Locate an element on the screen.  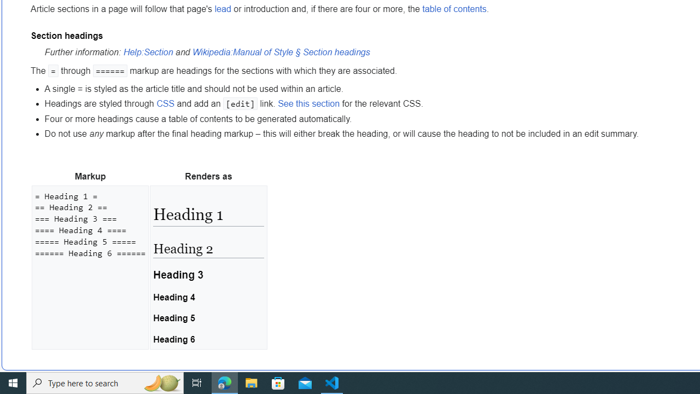
'lead' is located at coordinates (222, 9).